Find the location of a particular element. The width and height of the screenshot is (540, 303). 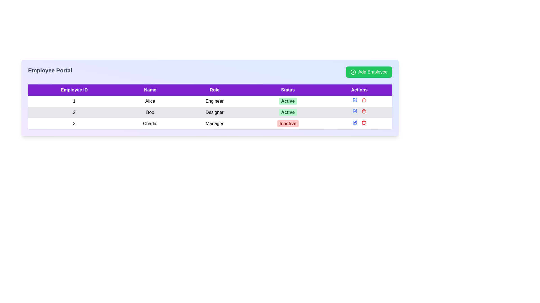

the purple rectangular row in the table header containing the column titles 'Employee ID', 'Name', 'Role', 'Status', and 'Actions' is located at coordinates (210, 89).